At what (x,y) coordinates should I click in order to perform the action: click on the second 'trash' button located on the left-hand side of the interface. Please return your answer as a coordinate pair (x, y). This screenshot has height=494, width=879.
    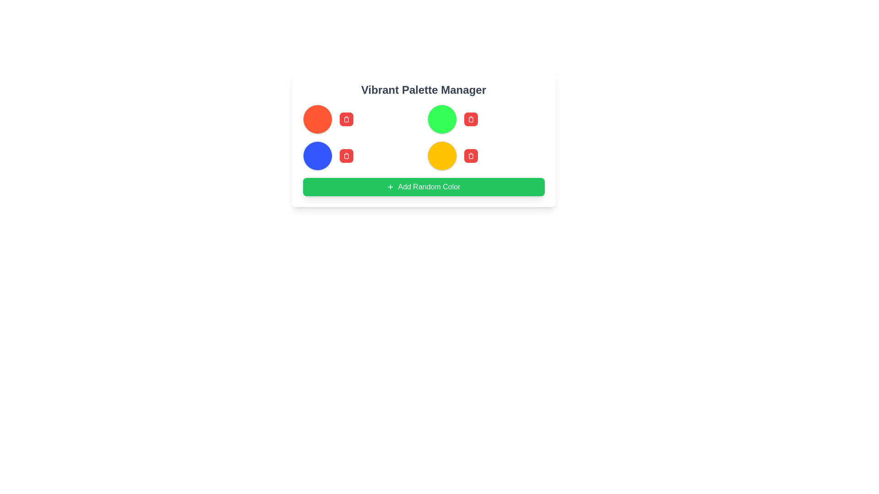
    Looking at the image, I should click on (346, 155).